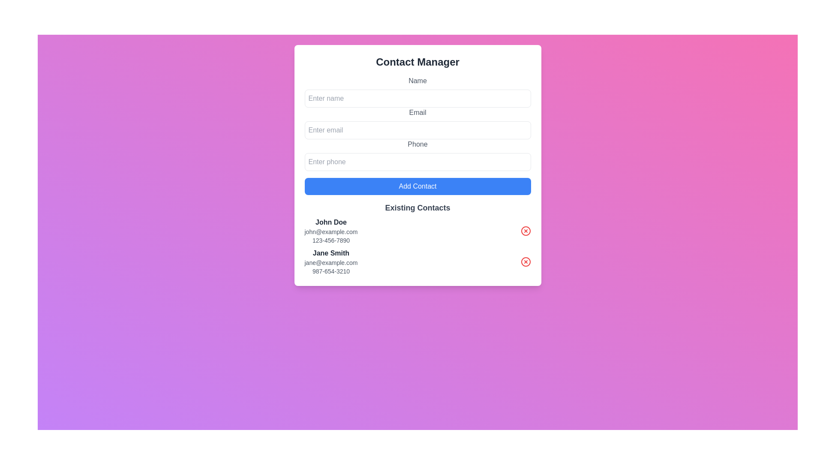 The height and width of the screenshot is (463, 823). Describe the element at coordinates (418, 81) in the screenshot. I see `the text label that describes the purpose of the input field for entering a name, positioned at the top of the vertical form layout` at that location.